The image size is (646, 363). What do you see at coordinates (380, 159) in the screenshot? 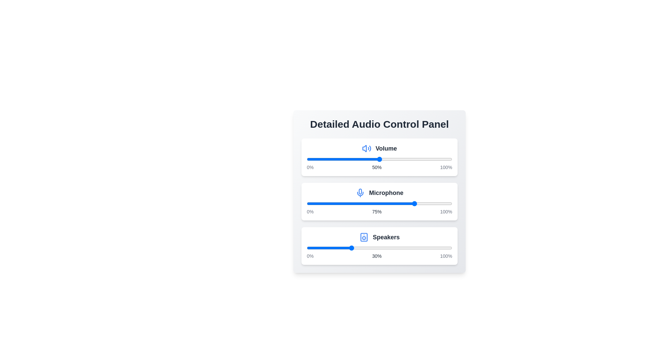
I see `the volume slider to 50%` at bounding box center [380, 159].